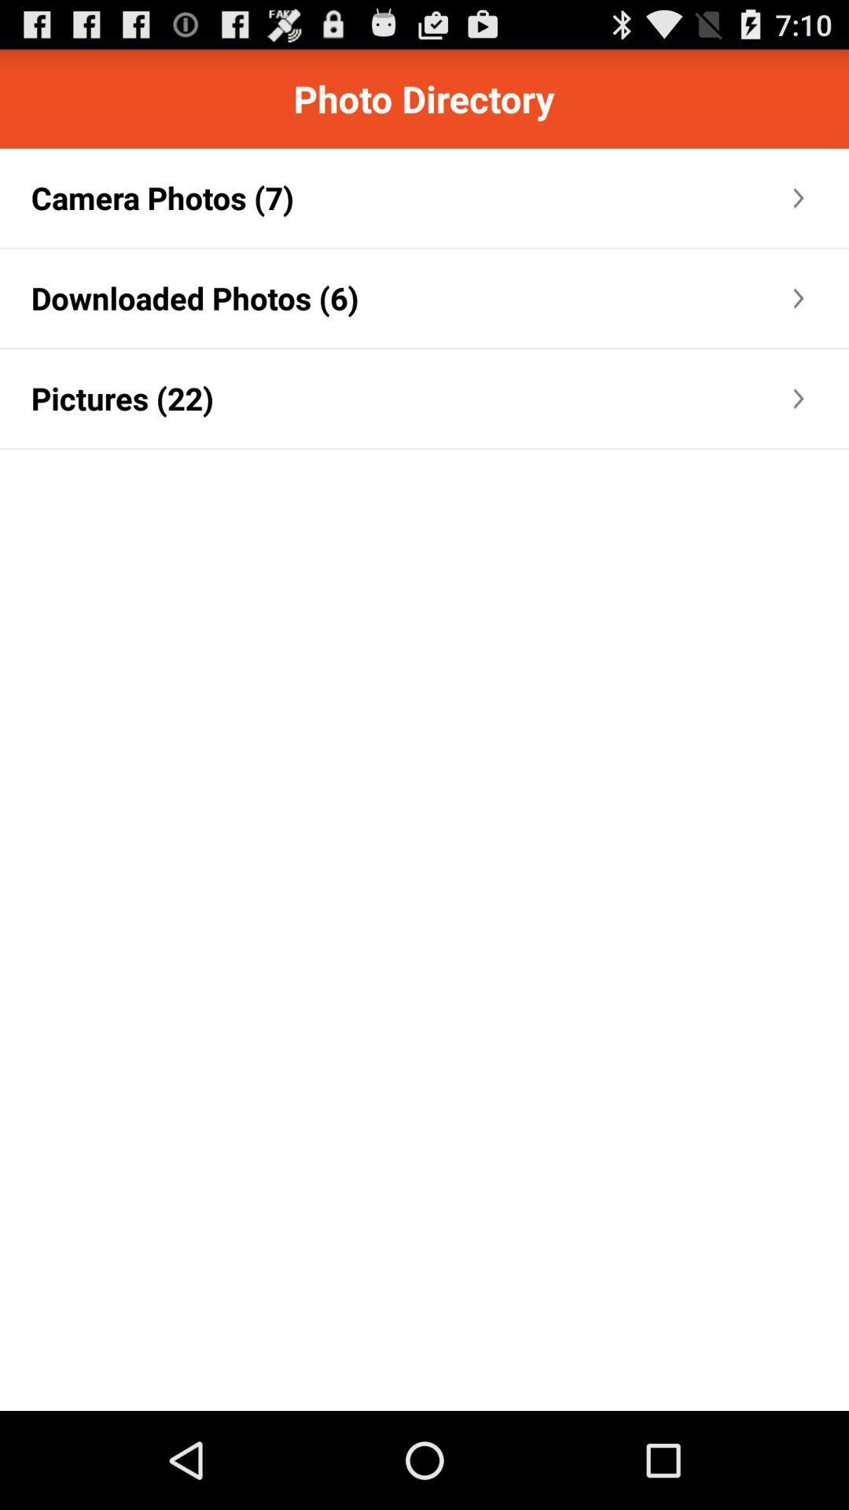 This screenshot has height=1510, width=849. Describe the element at coordinates (575, 298) in the screenshot. I see `app to the right of downloaded photos (6) item` at that location.